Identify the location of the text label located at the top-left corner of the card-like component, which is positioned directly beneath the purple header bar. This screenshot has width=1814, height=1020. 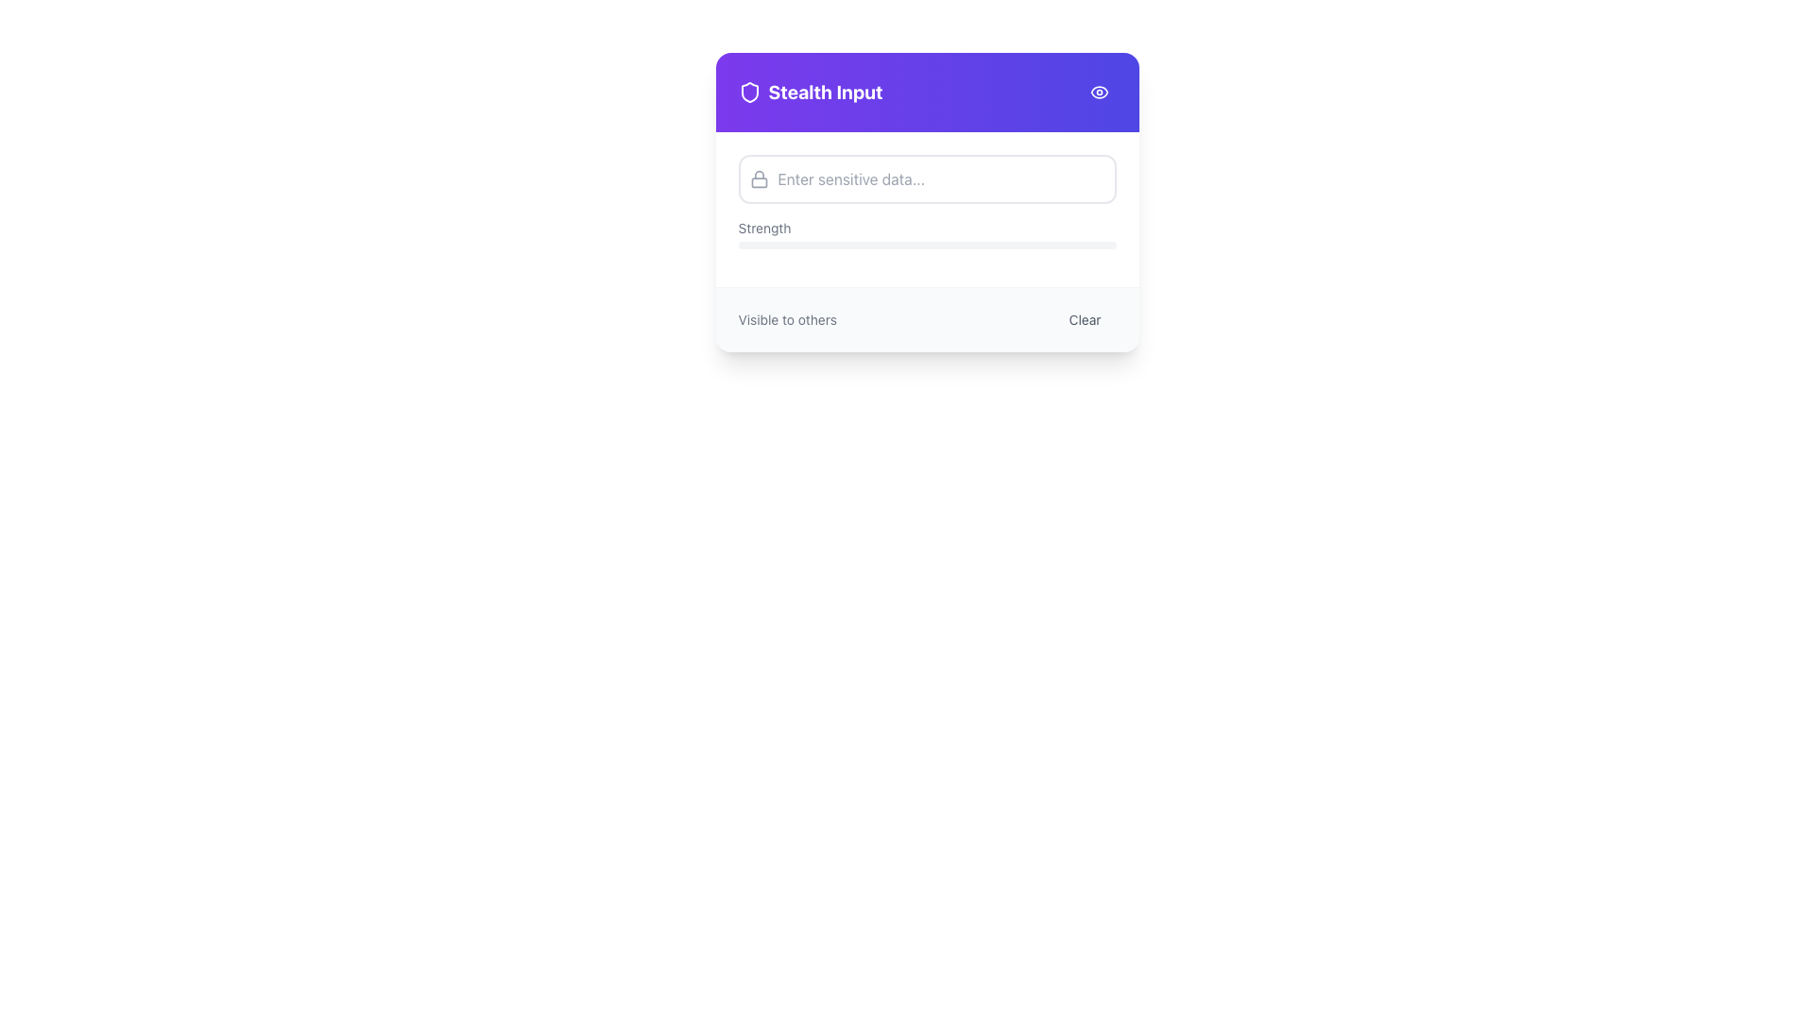
(811, 92).